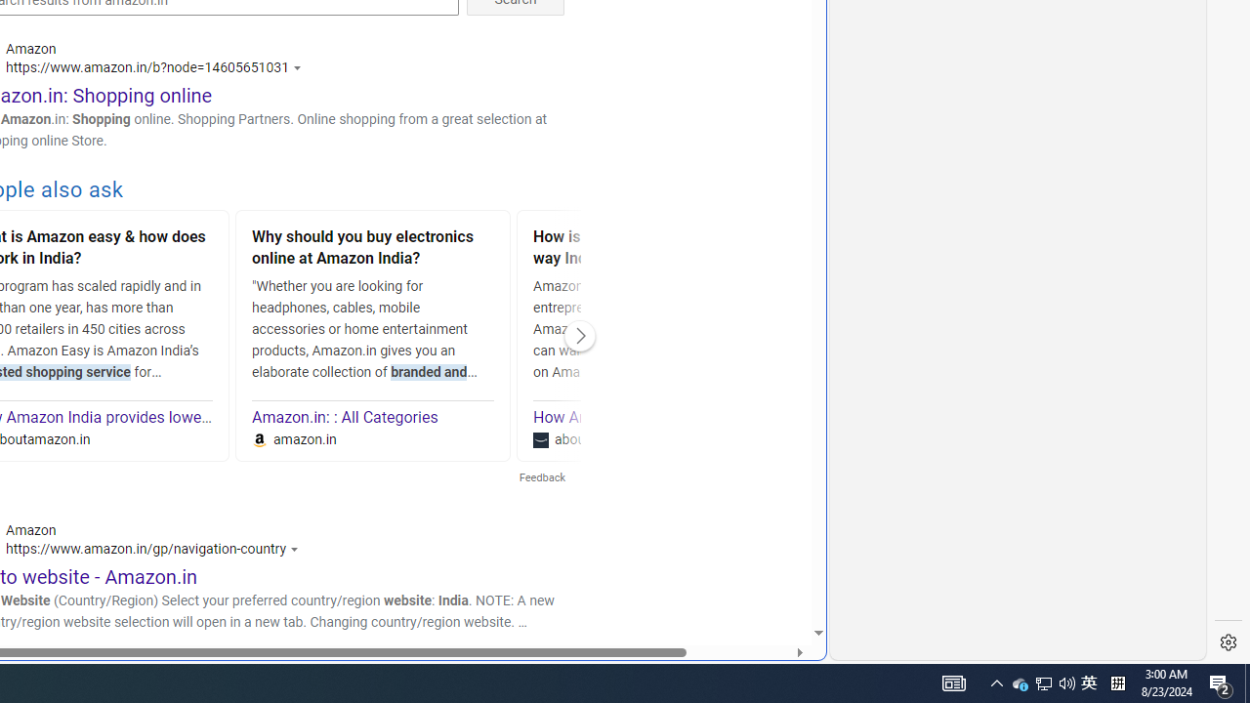 The width and height of the screenshot is (1250, 703). Describe the element at coordinates (772, 573) in the screenshot. I see `'Search more'` at that location.